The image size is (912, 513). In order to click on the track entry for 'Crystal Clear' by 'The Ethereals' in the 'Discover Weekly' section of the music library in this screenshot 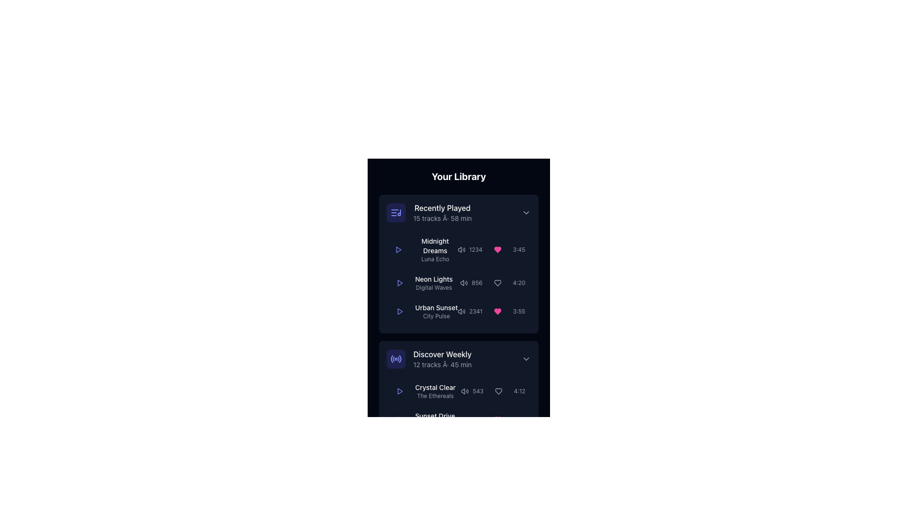, I will do `click(435, 391)`.